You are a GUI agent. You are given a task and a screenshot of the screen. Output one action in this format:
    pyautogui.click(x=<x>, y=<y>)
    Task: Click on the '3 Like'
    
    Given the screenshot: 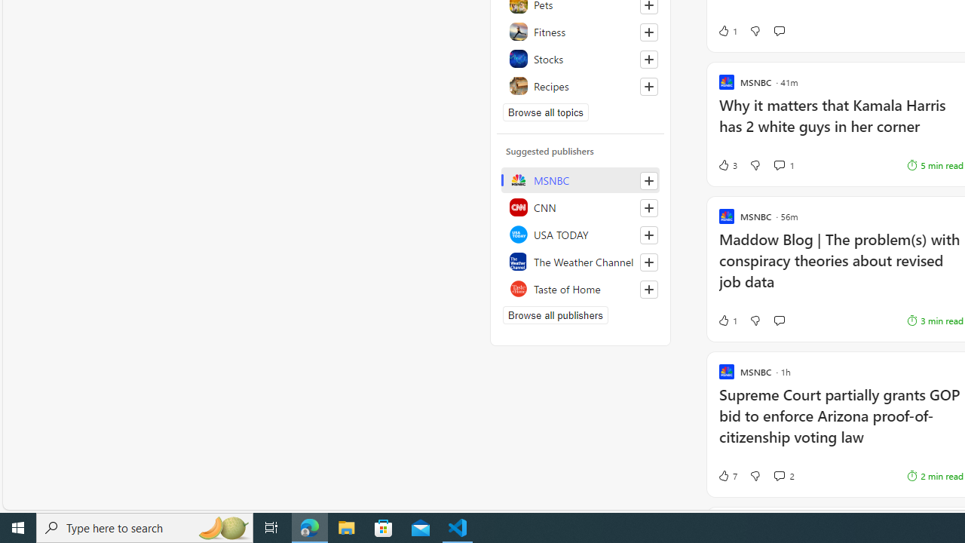 What is the action you would take?
    pyautogui.click(x=727, y=165)
    